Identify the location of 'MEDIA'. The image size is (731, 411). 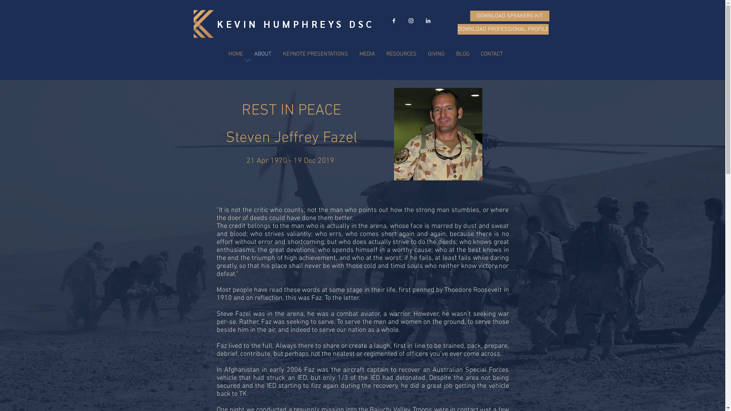
(367, 54).